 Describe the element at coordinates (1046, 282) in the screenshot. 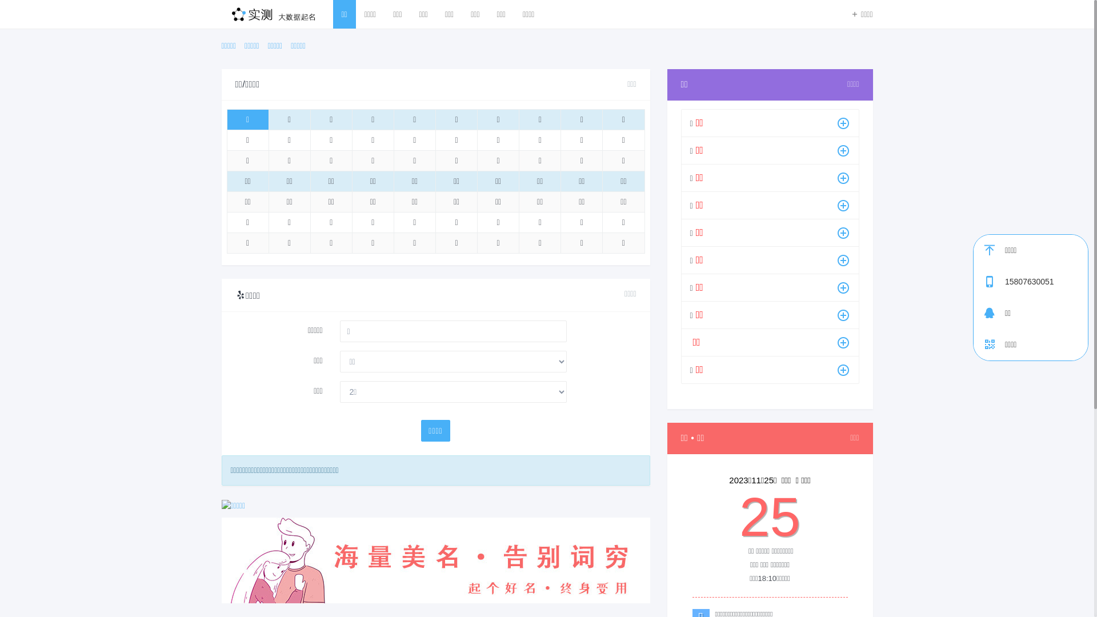

I see `'15807630051'` at that location.